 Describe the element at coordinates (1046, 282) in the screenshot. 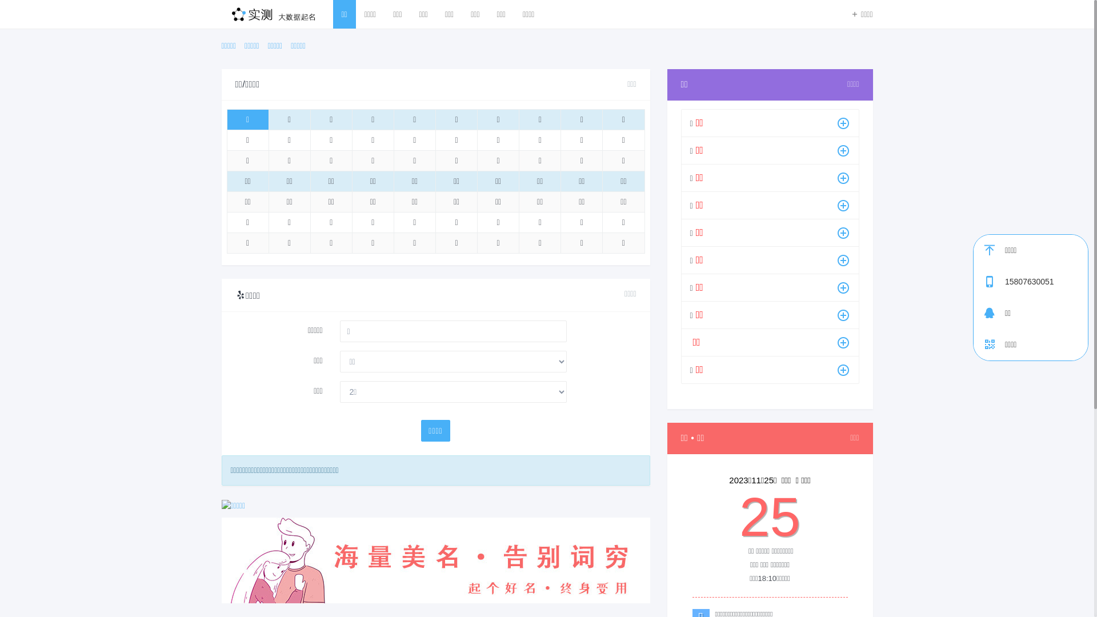

I see `'15807630051'` at that location.